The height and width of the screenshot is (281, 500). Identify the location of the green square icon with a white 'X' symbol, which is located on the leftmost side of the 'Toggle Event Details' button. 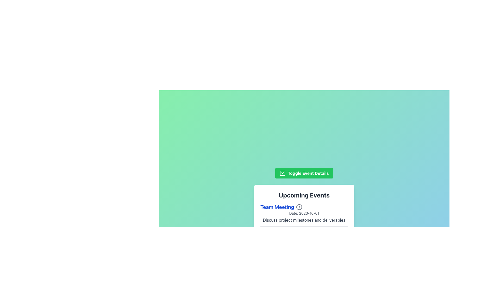
(282, 173).